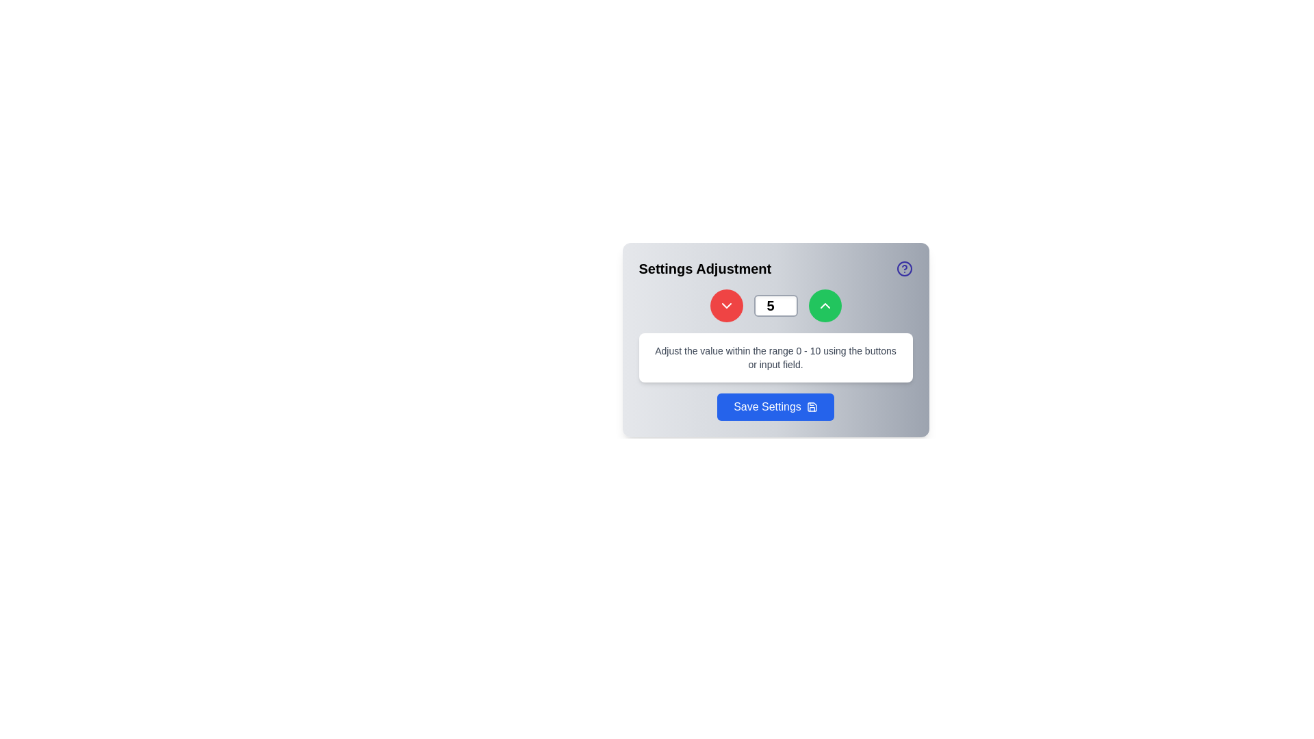 This screenshot has height=739, width=1314. Describe the element at coordinates (775, 406) in the screenshot. I see `the save settings button located at the bottom of the settings adjustment card to observe the hover effects` at that location.